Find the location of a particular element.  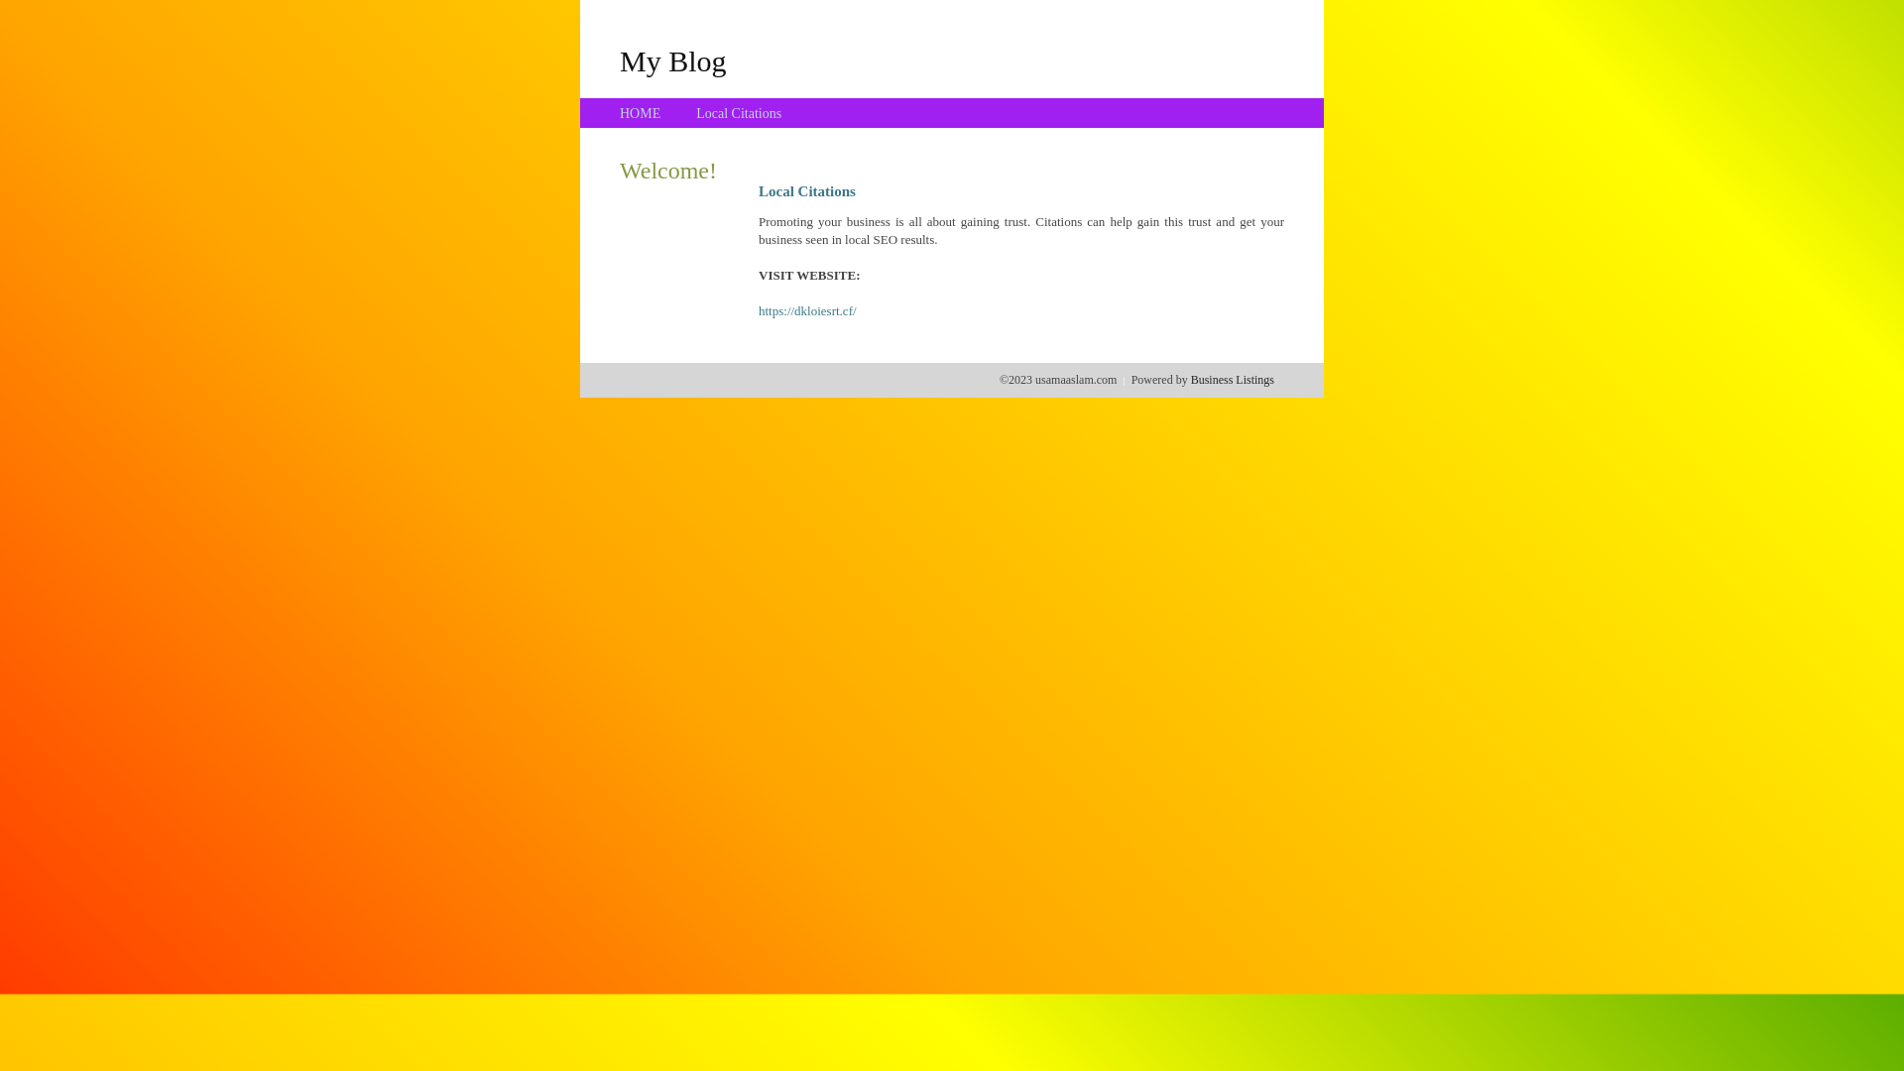

'https://dkloiesrt.cf/' is located at coordinates (807, 310).